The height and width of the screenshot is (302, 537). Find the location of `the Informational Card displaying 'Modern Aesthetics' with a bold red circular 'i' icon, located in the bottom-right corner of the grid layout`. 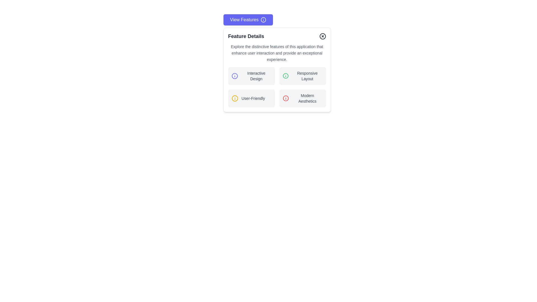

the Informational Card displaying 'Modern Aesthetics' with a bold red circular 'i' icon, located in the bottom-right corner of the grid layout is located at coordinates (302, 98).